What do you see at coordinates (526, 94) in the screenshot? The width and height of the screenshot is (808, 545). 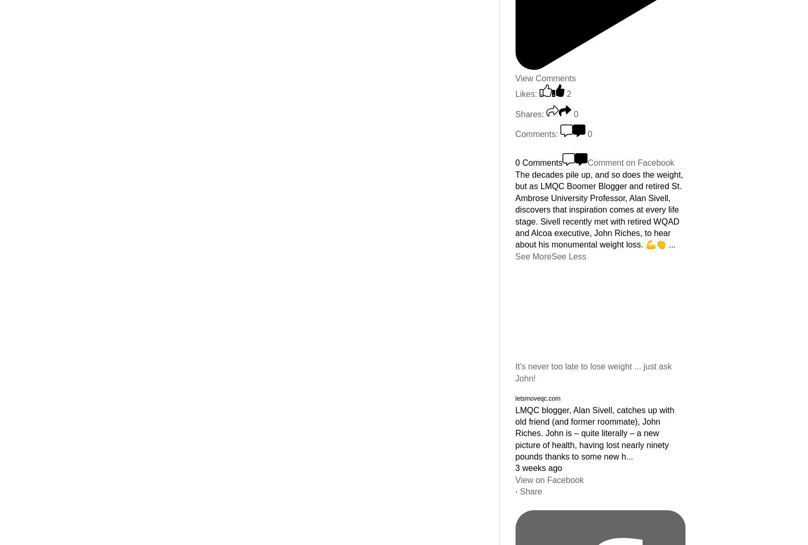 I see `'Likes:'` at bounding box center [526, 94].